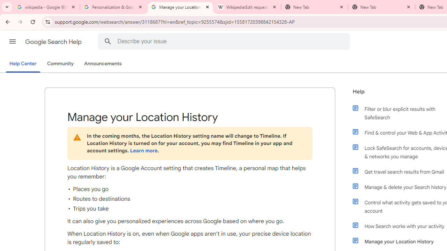 This screenshot has width=447, height=251. What do you see at coordinates (225, 41) in the screenshot?
I see `'Describe your issue'` at bounding box center [225, 41].